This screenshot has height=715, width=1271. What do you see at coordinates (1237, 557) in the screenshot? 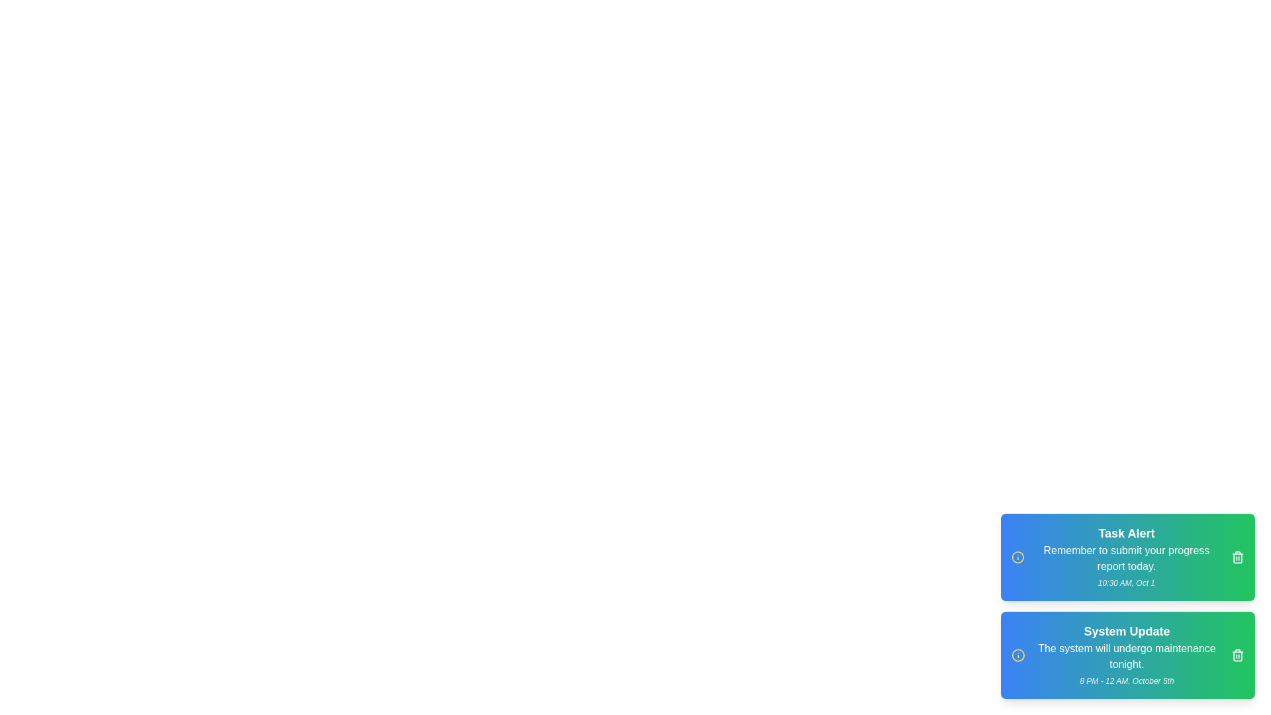
I see `the notification with title Task Alert` at bounding box center [1237, 557].